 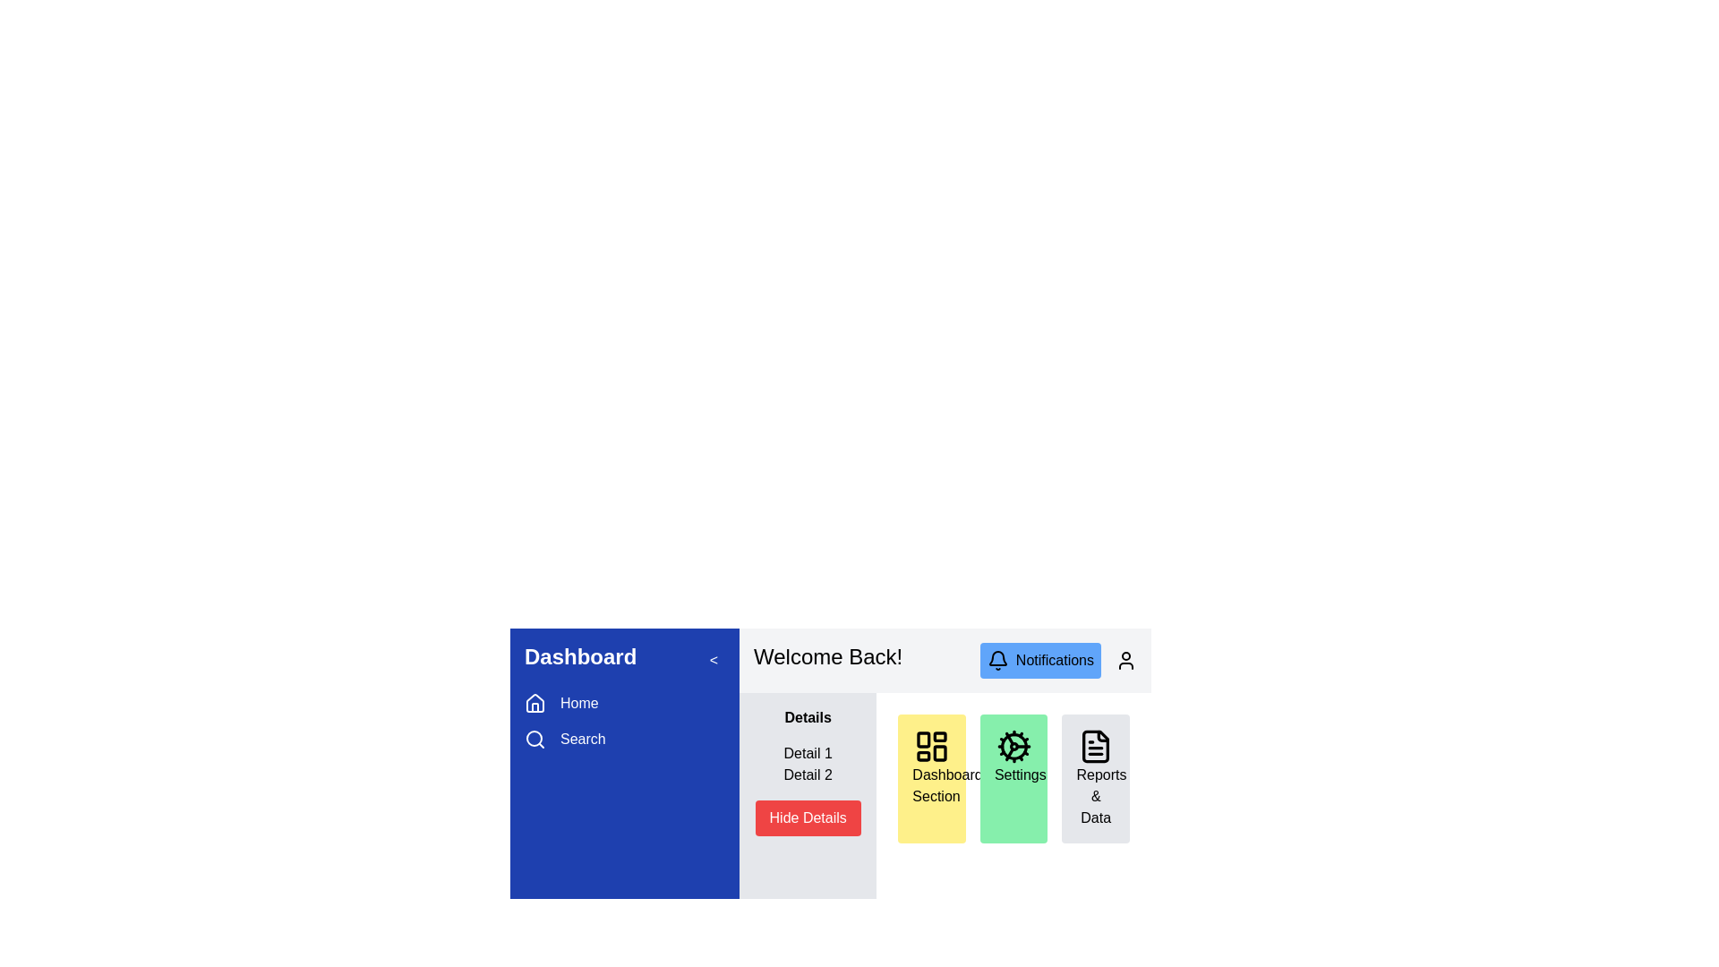 I want to click on the 'Notifications' static text label that is right-aligned within a blue rectangular button-like component, located in the upper-right corner of the interface, adjacent to a bell icon, so click(x=1055, y=660).